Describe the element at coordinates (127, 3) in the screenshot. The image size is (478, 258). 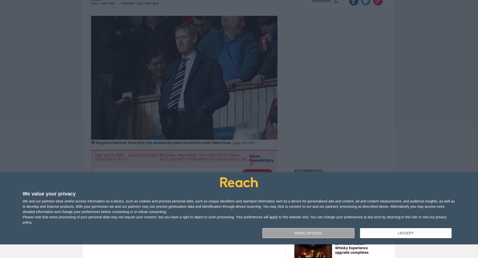
I see `'Updated'` at that location.